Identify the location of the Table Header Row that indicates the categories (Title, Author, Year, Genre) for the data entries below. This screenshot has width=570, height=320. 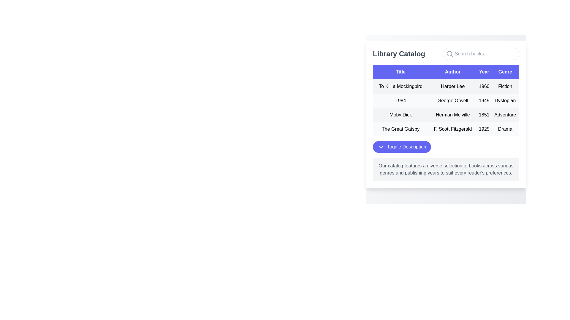
(446, 72).